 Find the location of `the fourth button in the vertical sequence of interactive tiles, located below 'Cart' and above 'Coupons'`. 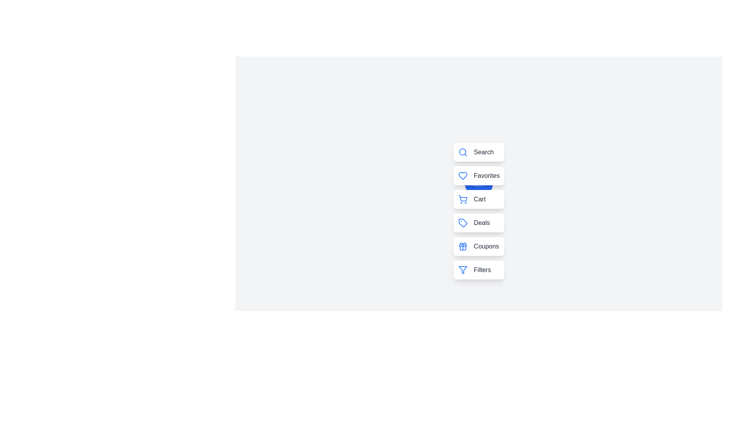

the fourth button in the vertical sequence of interactive tiles, located below 'Cart' and above 'Coupons' is located at coordinates (478, 223).